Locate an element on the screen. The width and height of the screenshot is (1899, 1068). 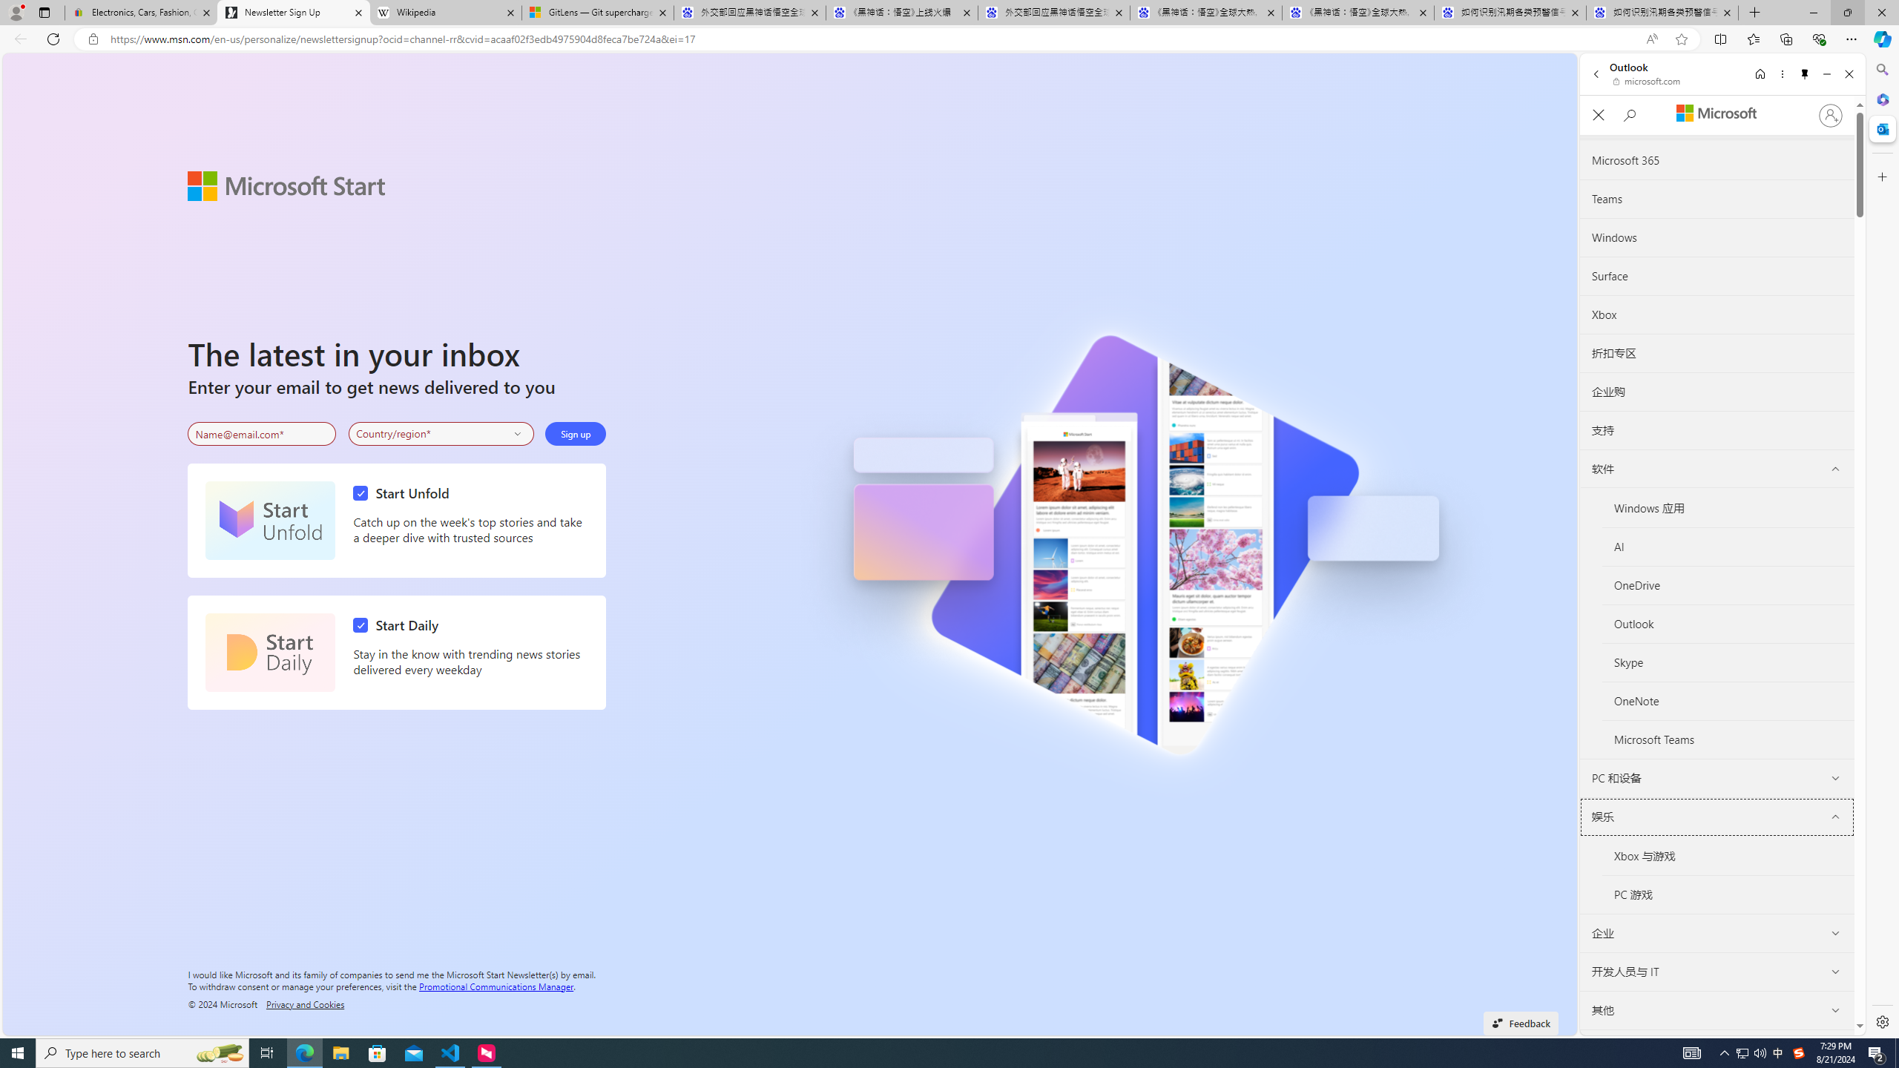
'Start Unfold' is located at coordinates (269, 520).